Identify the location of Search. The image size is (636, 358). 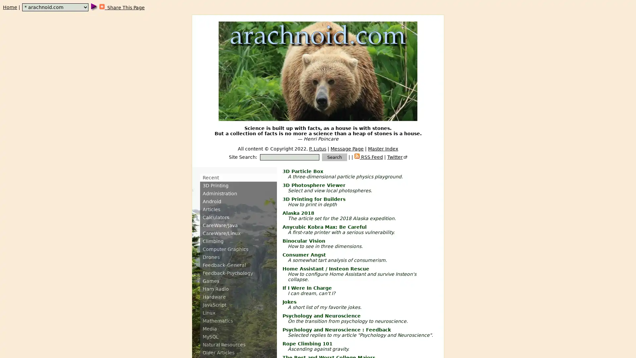
(334, 157).